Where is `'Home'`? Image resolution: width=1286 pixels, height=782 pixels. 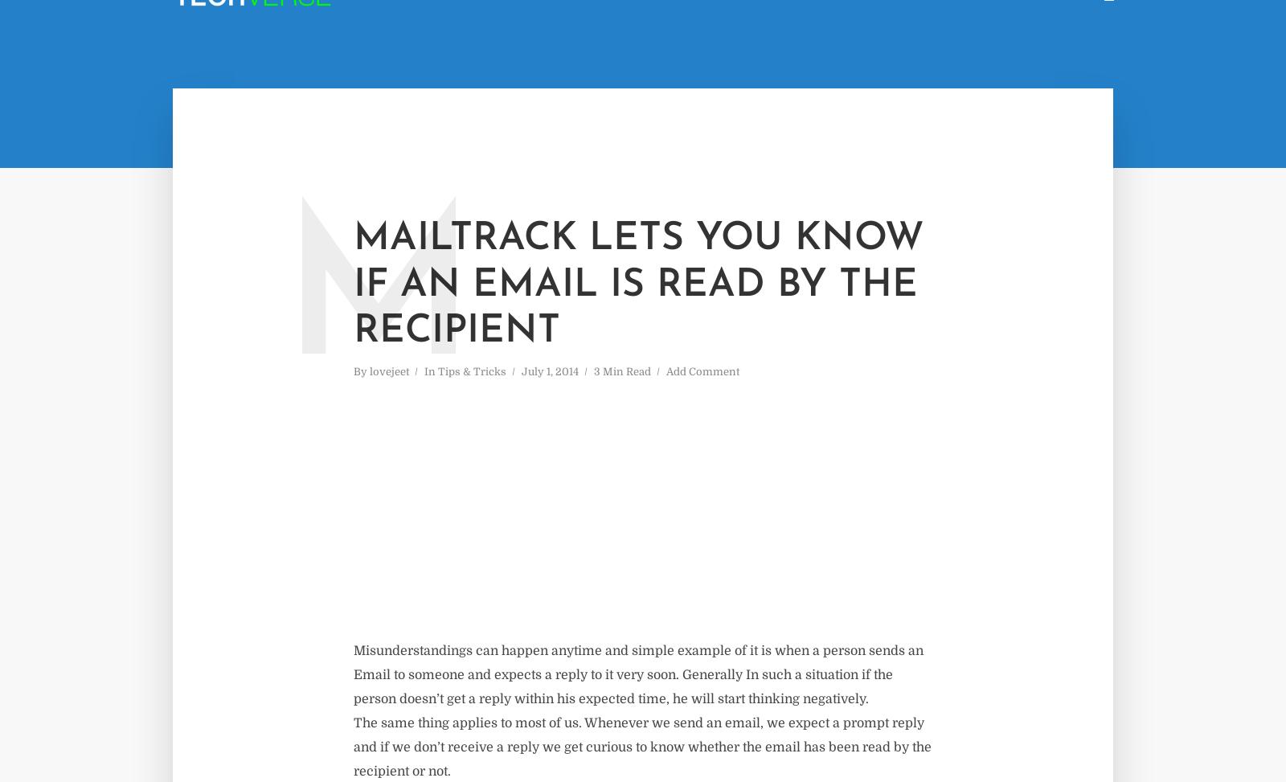 'Home' is located at coordinates (840, 45).